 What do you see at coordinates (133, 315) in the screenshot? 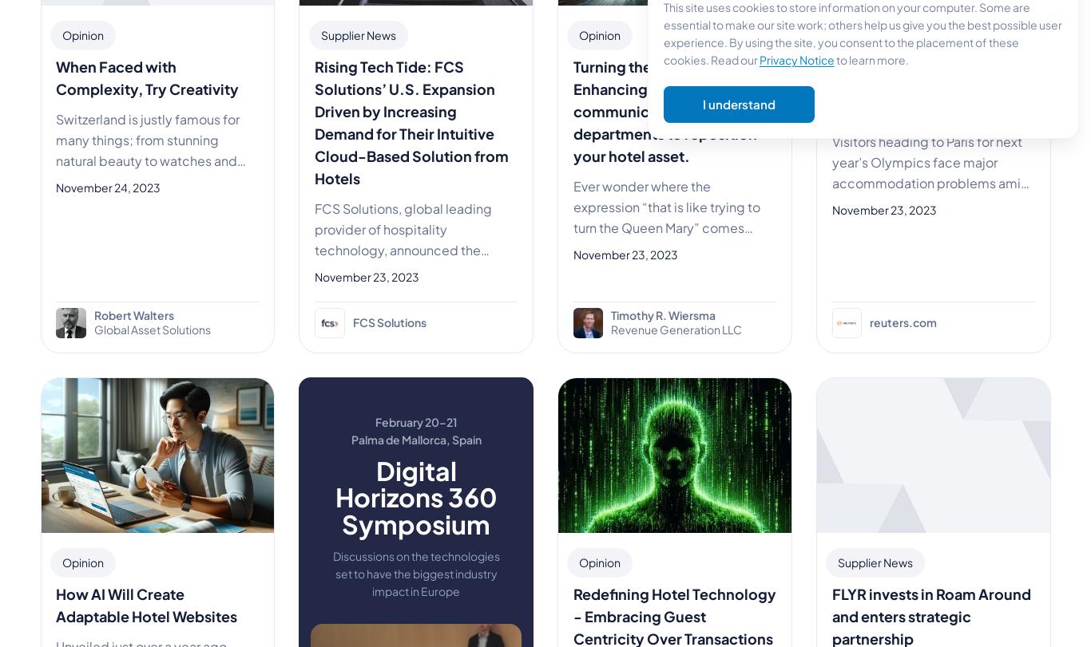
I see `'Robert Walters'` at bounding box center [133, 315].